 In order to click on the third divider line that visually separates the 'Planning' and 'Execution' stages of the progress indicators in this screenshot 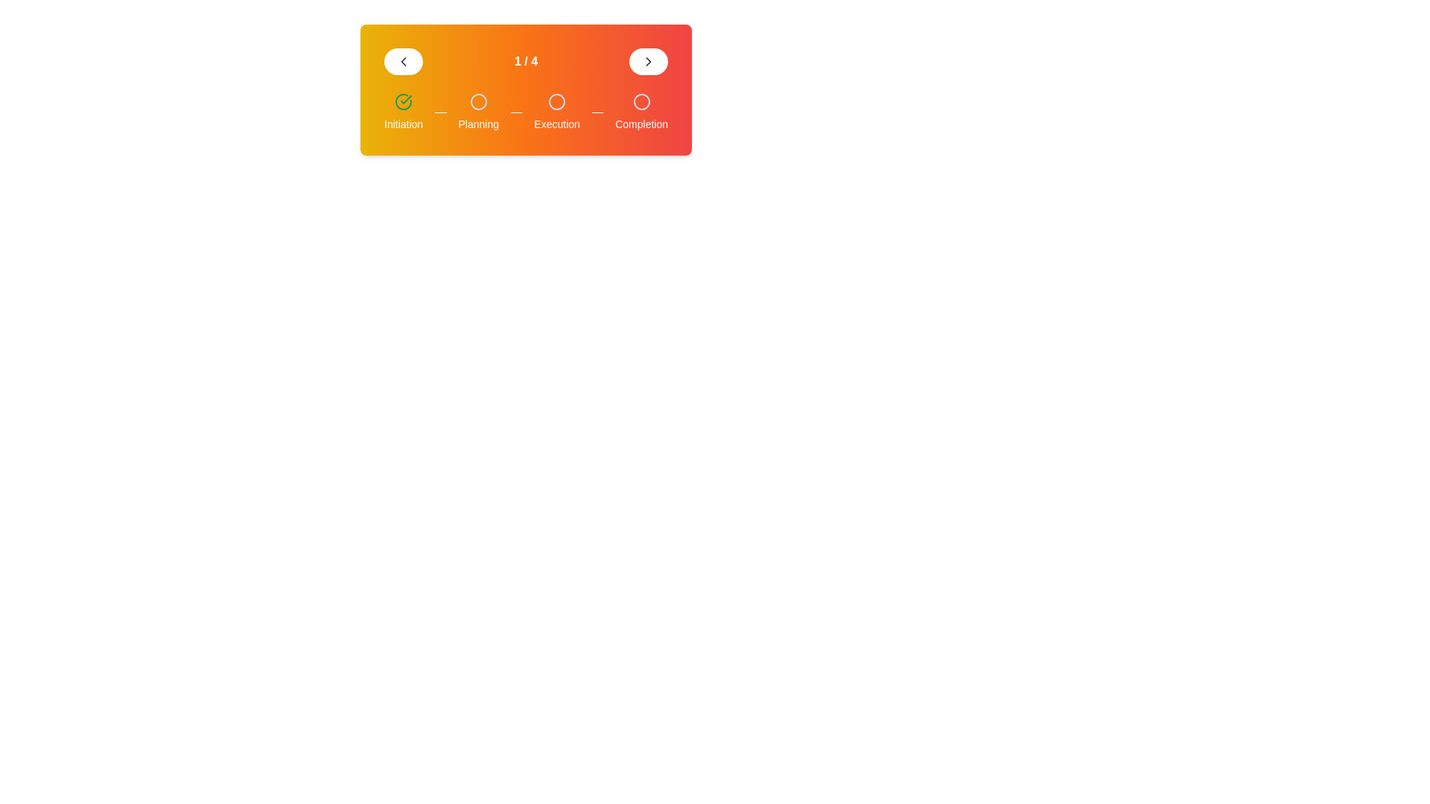, I will do `click(516, 111)`.